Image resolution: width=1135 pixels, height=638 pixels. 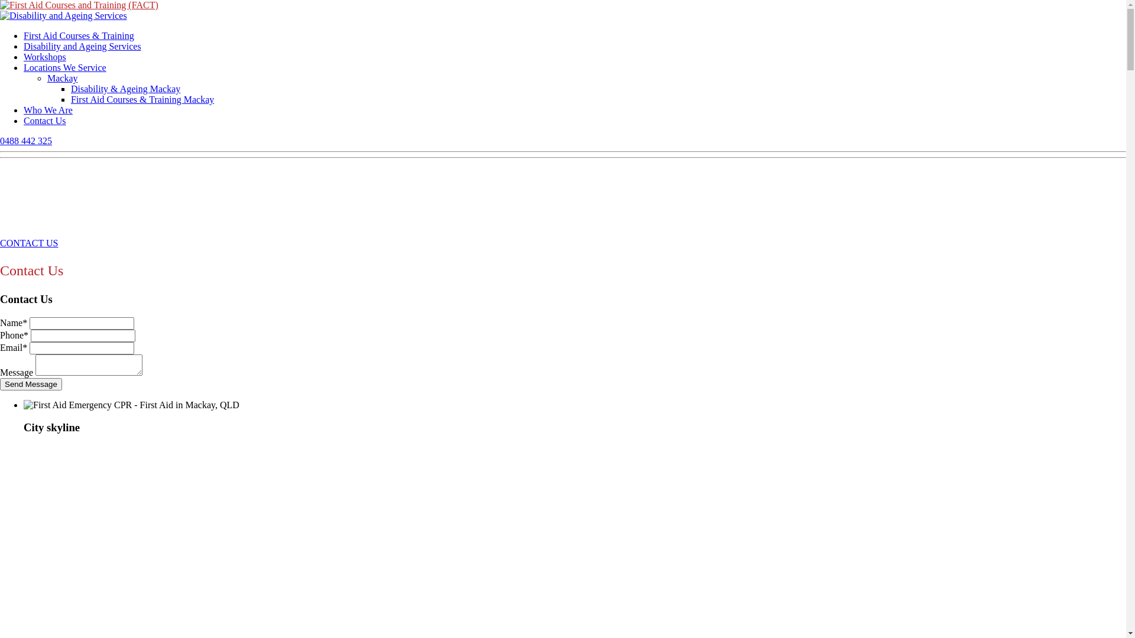 What do you see at coordinates (0, 140) in the screenshot?
I see `'0488 442 325'` at bounding box center [0, 140].